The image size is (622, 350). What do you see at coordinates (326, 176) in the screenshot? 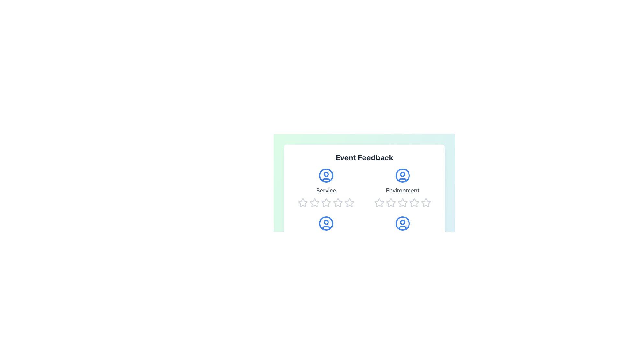
I see `the blue circular icon resembling a user profile silhouette located above the 'Service' rating section in the feedback interface` at bounding box center [326, 176].